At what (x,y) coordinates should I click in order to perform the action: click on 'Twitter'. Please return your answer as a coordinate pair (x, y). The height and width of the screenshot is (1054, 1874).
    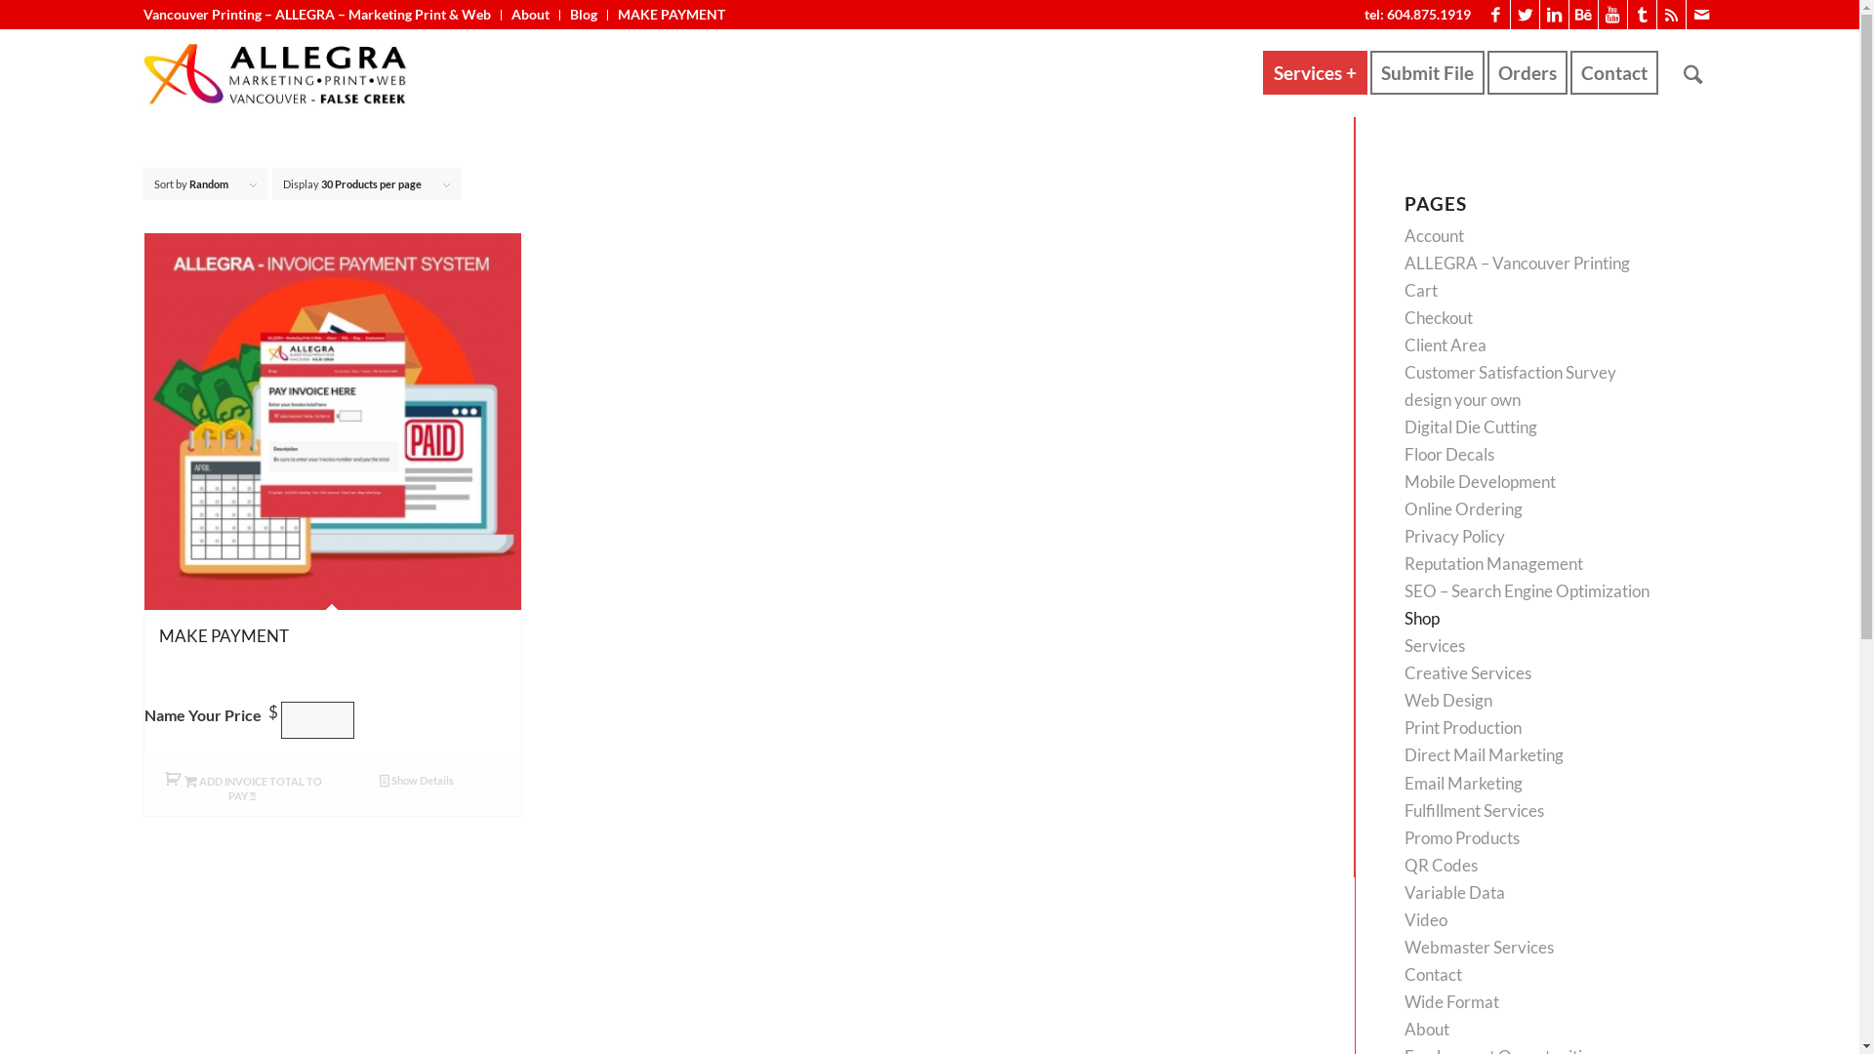
    Looking at the image, I should click on (1524, 15).